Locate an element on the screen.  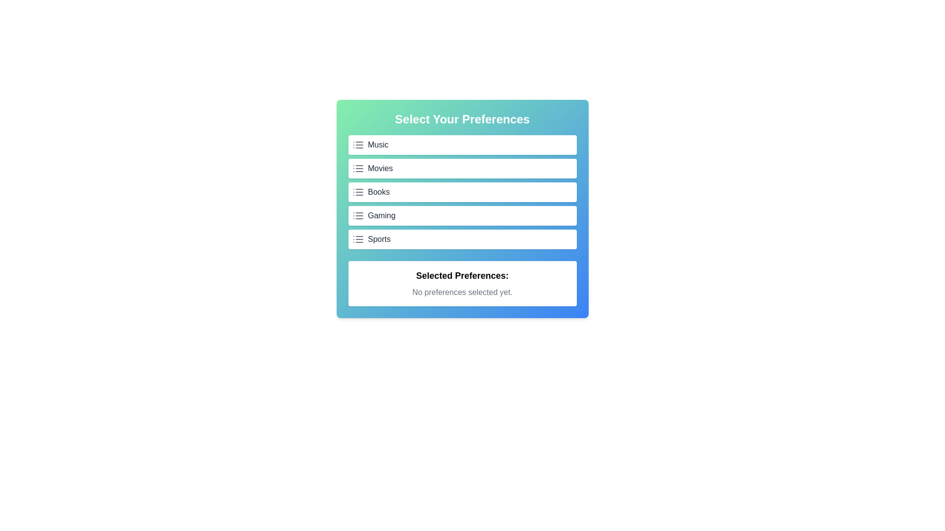
the static text label indicating the section pertains to the user's selected preferences, located in a card-like section, above the text 'No preferences selected yet.' is located at coordinates (462, 275).